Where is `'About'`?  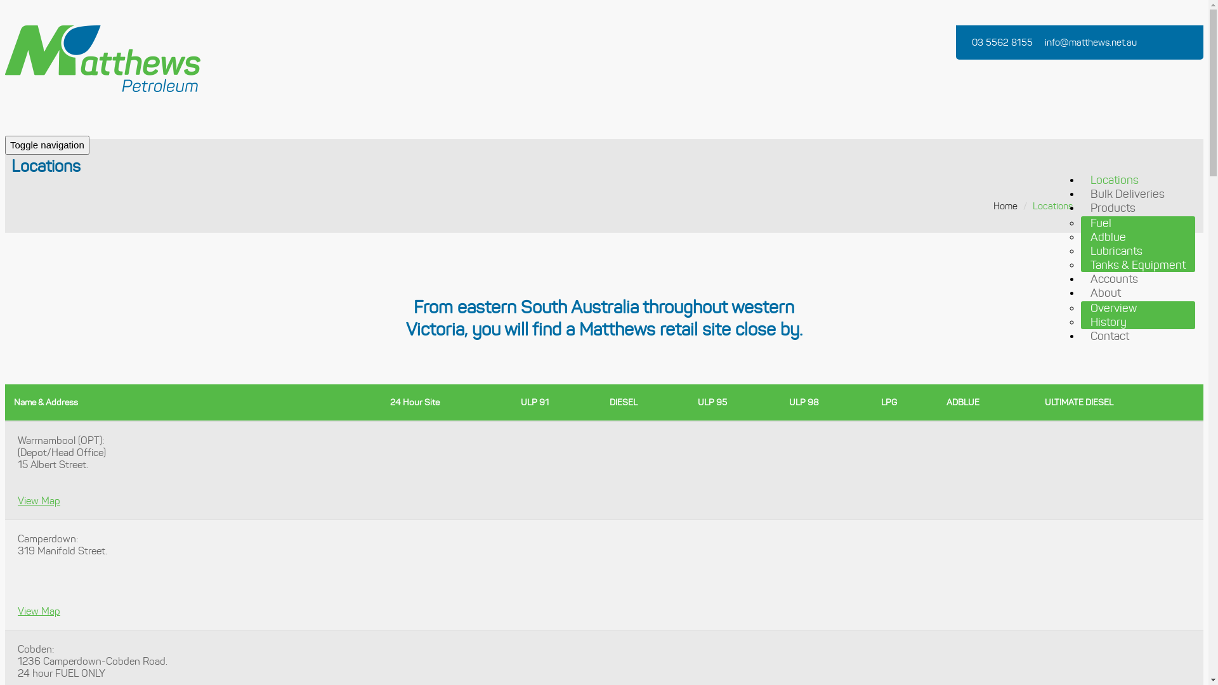 'About' is located at coordinates (1104, 293).